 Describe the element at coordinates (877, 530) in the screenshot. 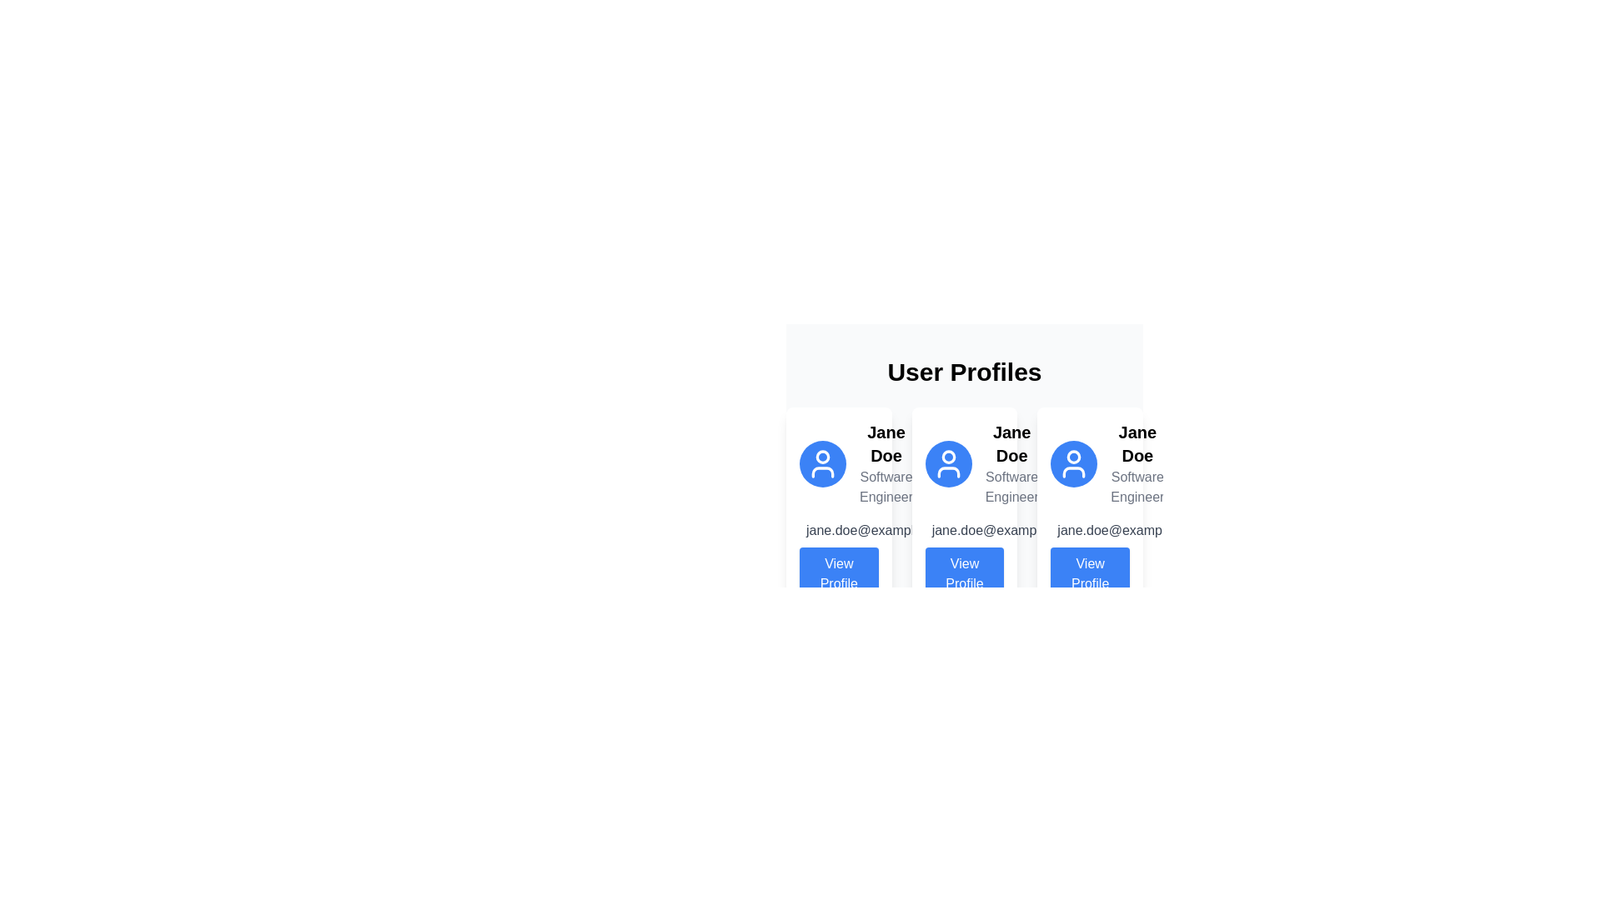

I see `the text label displaying the user's contact email address, which is located at the bottom central portion of the user profile card, immediately below the 'Software Engineer' text` at that location.